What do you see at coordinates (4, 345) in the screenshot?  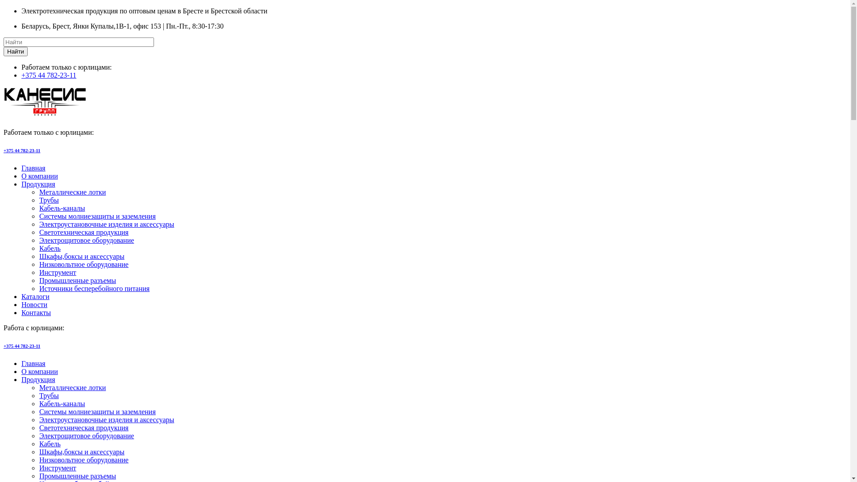 I see `'+375 44 782-23-11'` at bounding box center [4, 345].